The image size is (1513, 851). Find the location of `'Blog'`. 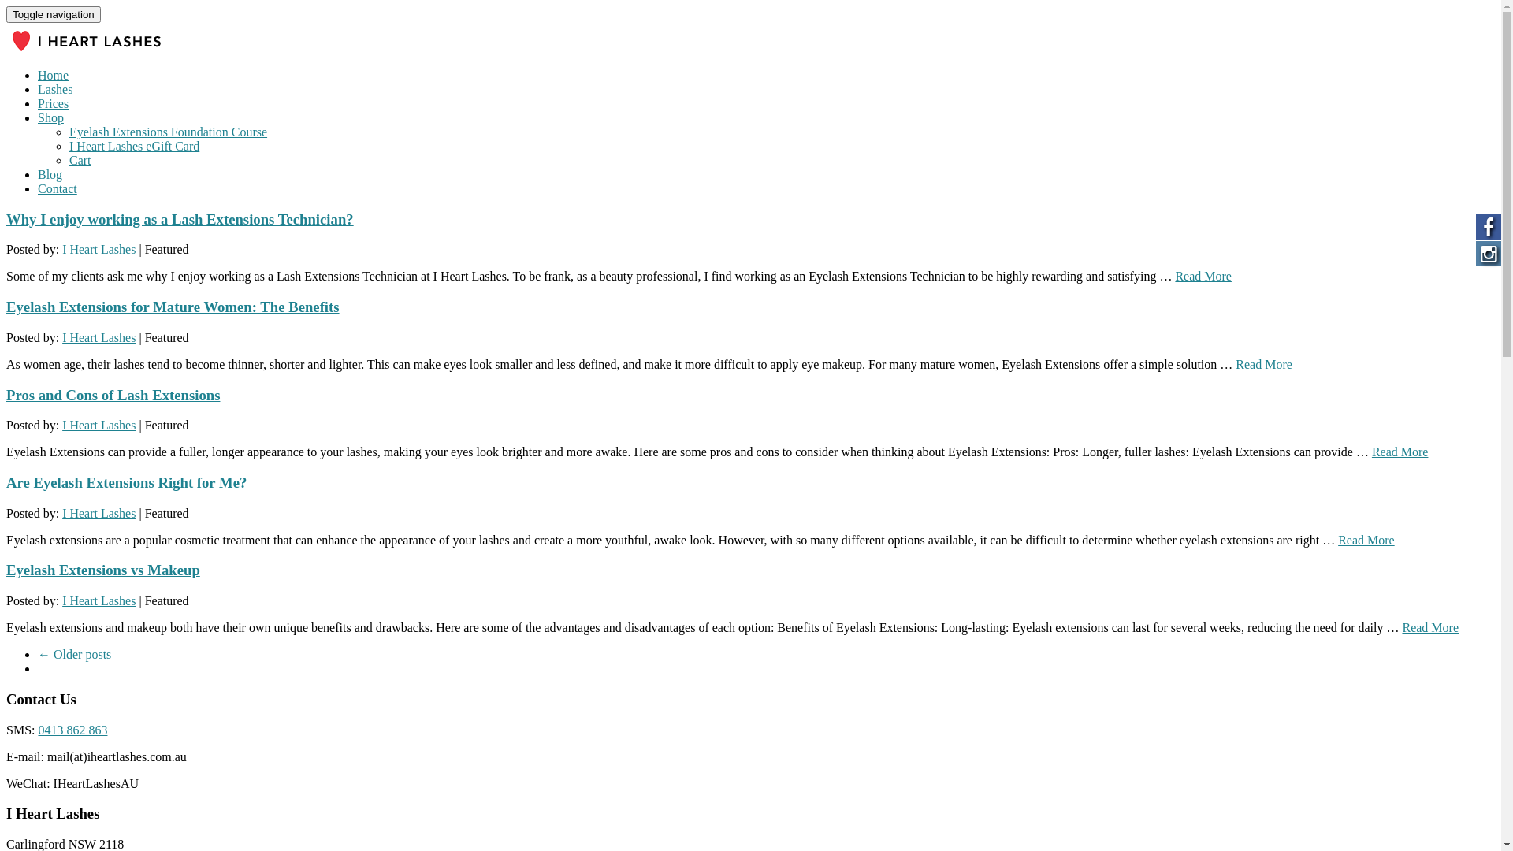

'Blog' is located at coordinates (50, 174).